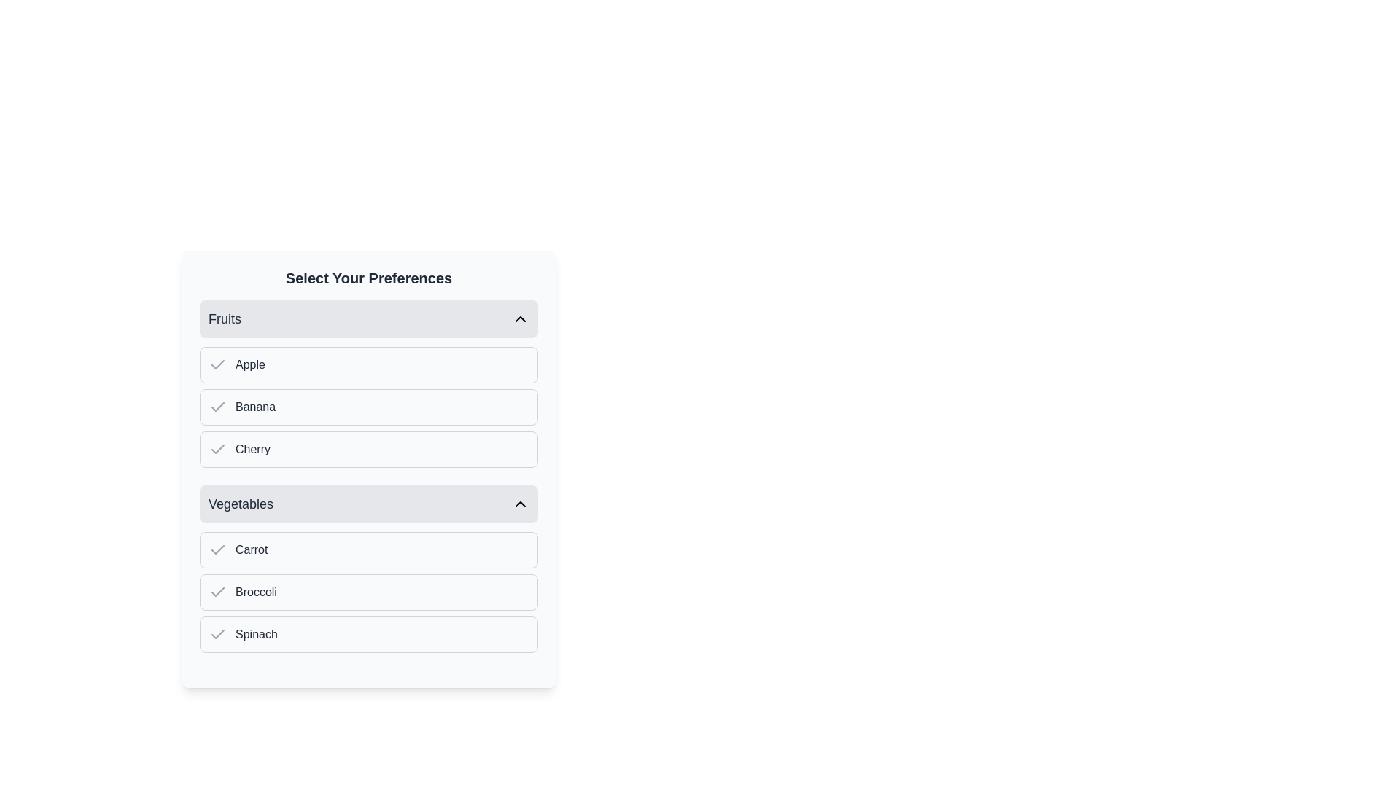 The width and height of the screenshot is (1400, 787). What do you see at coordinates (217, 549) in the screenshot?
I see `the status of the checkmark icon indicating selection or completion for the item labeled 'Cherry' in the Fruits section of the UI` at bounding box center [217, 549].